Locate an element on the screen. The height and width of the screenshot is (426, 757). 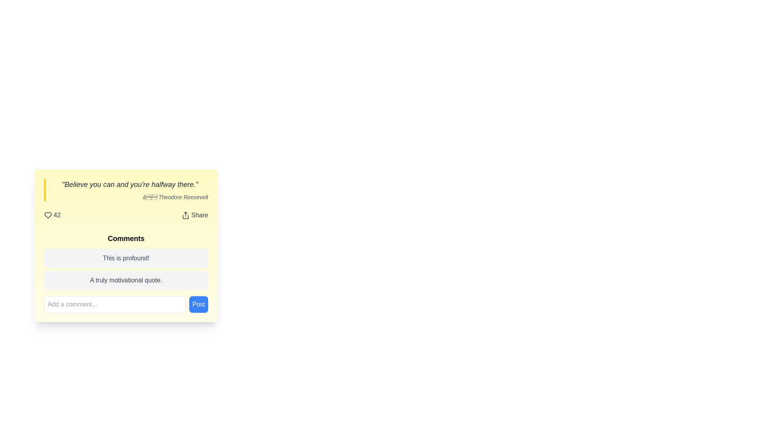
the interactive component with a heart icon and the text '42' is located at coordinates (52, 215).